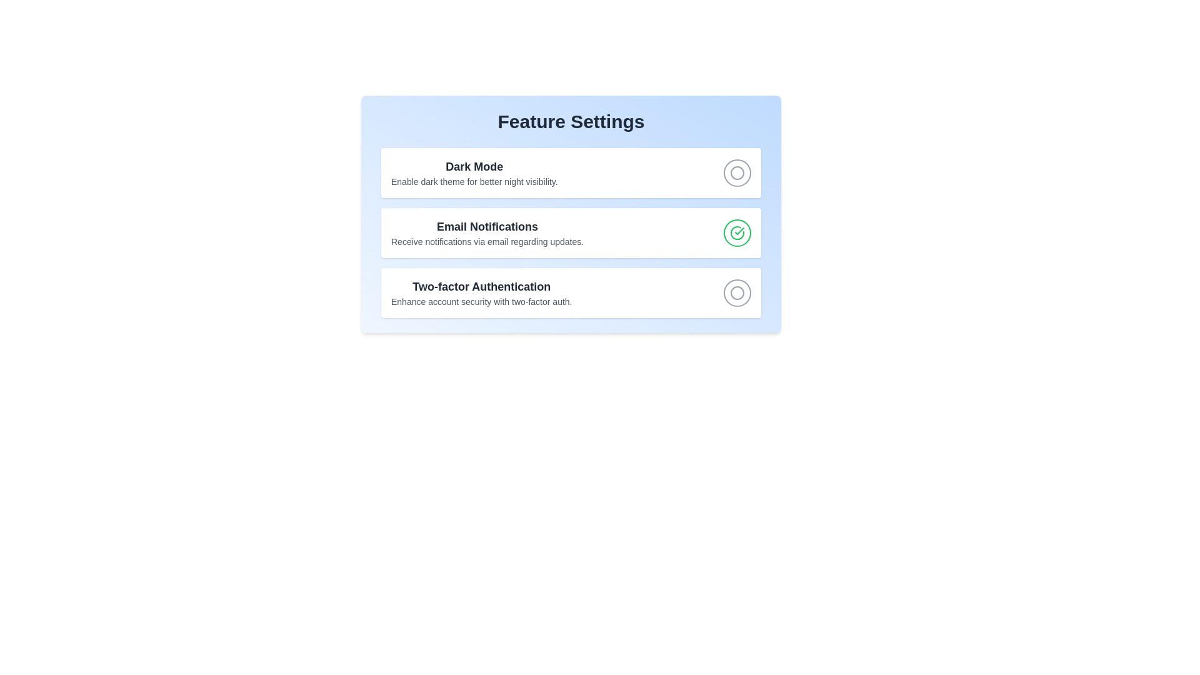 This screenshot has width=1200, height=675. I want to click on the circular icon with a green outline and checkmark symbol located next to 'Email Notifications' in the settings list, so click(737, 233).